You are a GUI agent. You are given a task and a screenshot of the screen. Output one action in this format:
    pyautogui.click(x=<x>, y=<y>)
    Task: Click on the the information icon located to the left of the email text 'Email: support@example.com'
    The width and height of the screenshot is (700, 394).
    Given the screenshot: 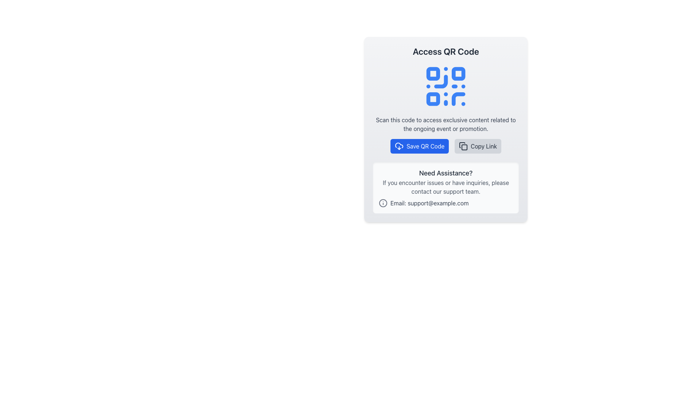 What is the action you would take?
    pyautogui.click(x=383, y=203)
    